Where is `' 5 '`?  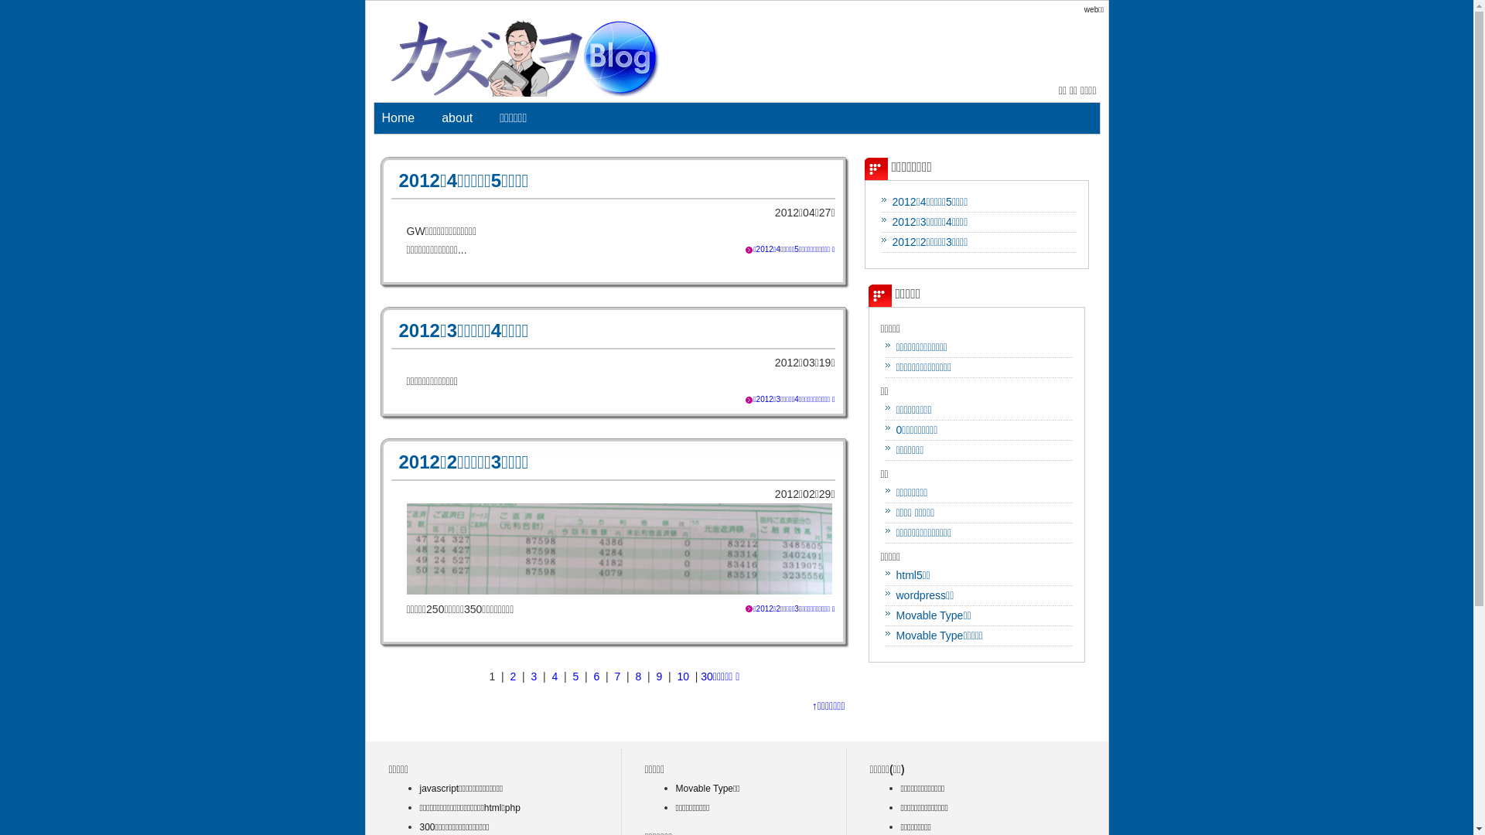 ' 5 ' is located at coordinates (575, 676).